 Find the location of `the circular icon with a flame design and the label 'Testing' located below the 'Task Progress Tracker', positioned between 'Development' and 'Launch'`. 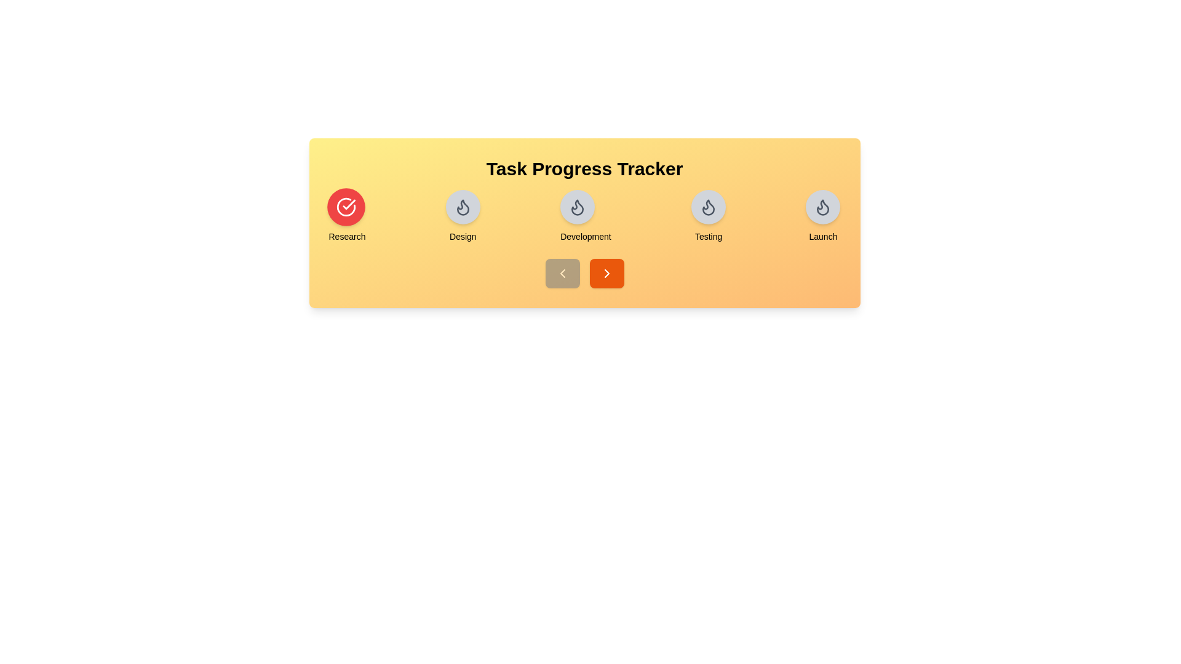

the circular icon with a flame design and the label 'Testing' located below the 'Task Progress Tracker', positioned between 'Development' and 'Launch' is located at coordinates (709, 216).